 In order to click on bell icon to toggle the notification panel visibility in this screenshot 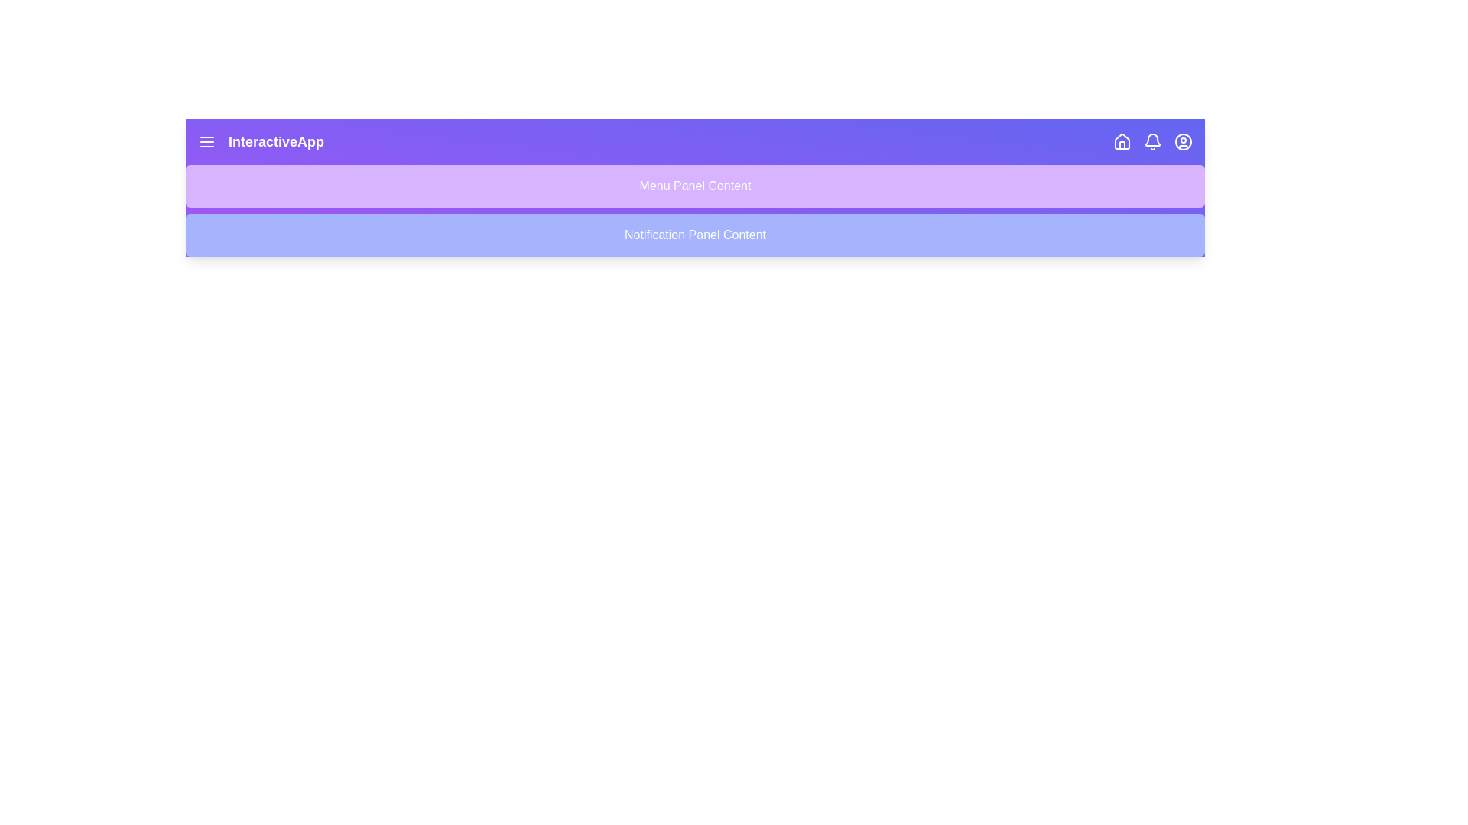, I will do `click(1152, 141)`.